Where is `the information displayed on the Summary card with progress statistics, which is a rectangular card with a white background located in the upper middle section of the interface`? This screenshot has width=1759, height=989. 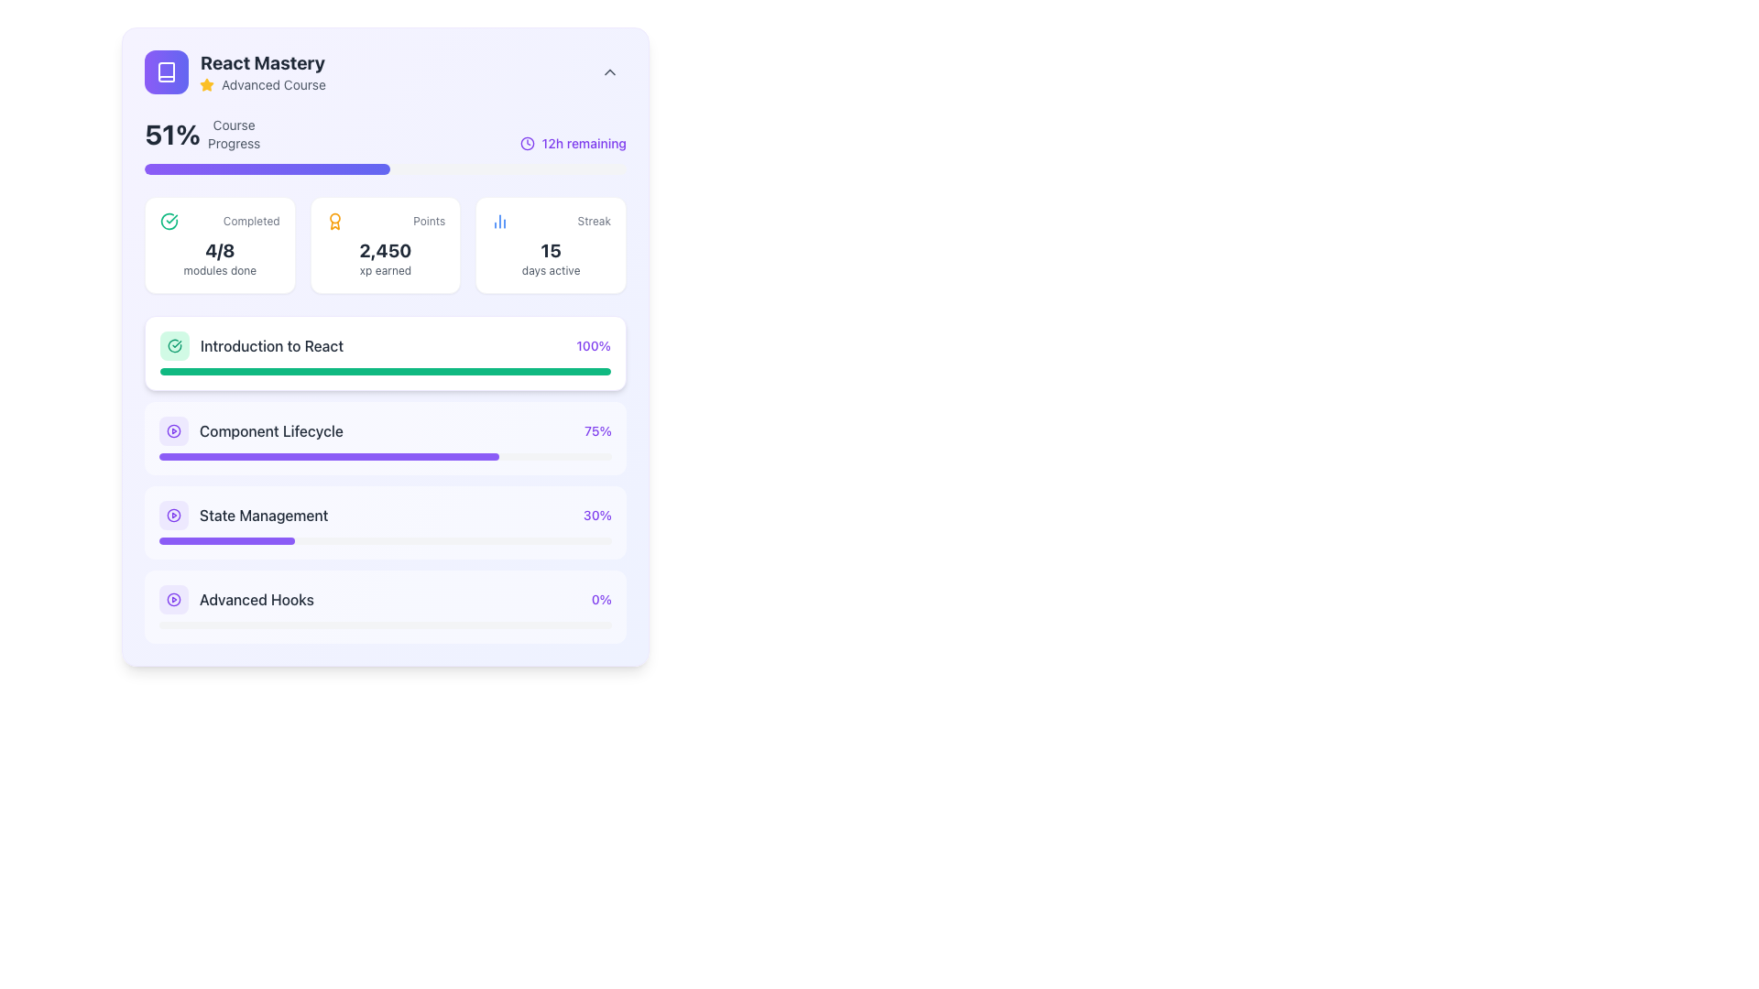 the information displayed on the Summary card with progress statistics, which is a rectangular card with a white background located in the upper middle section of the interface is located at coordinates (385, 244).